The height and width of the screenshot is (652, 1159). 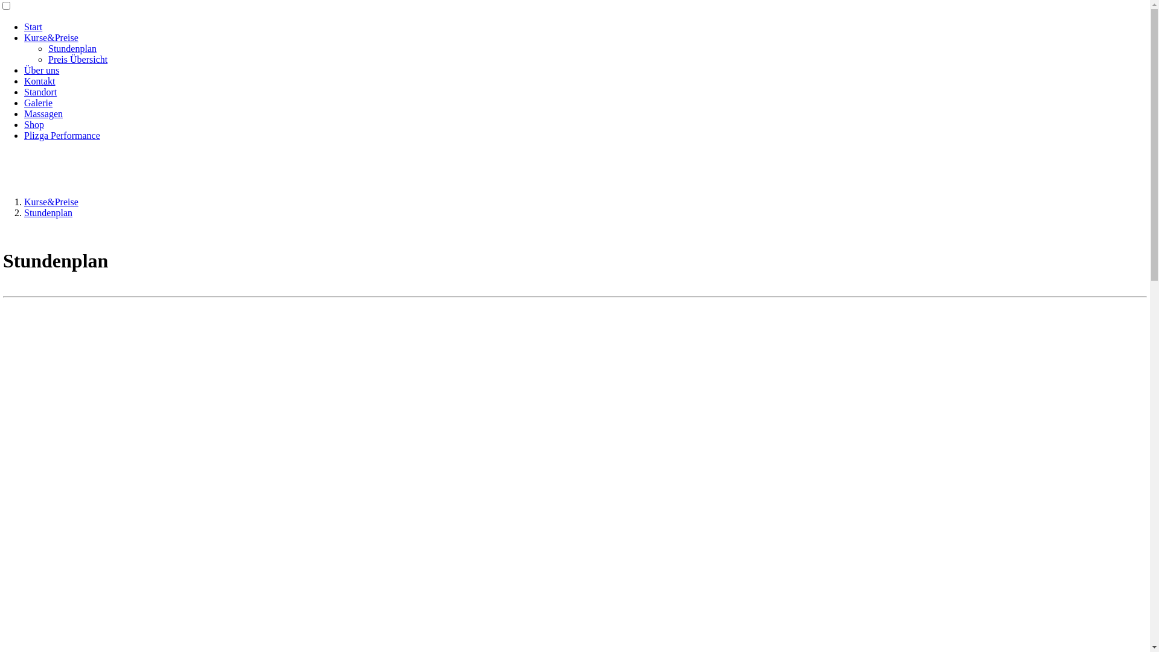 What do you see at coordinates (40, 81) in the screenshot?
I see `'Kontakt'` at bounding box center [40, 81].